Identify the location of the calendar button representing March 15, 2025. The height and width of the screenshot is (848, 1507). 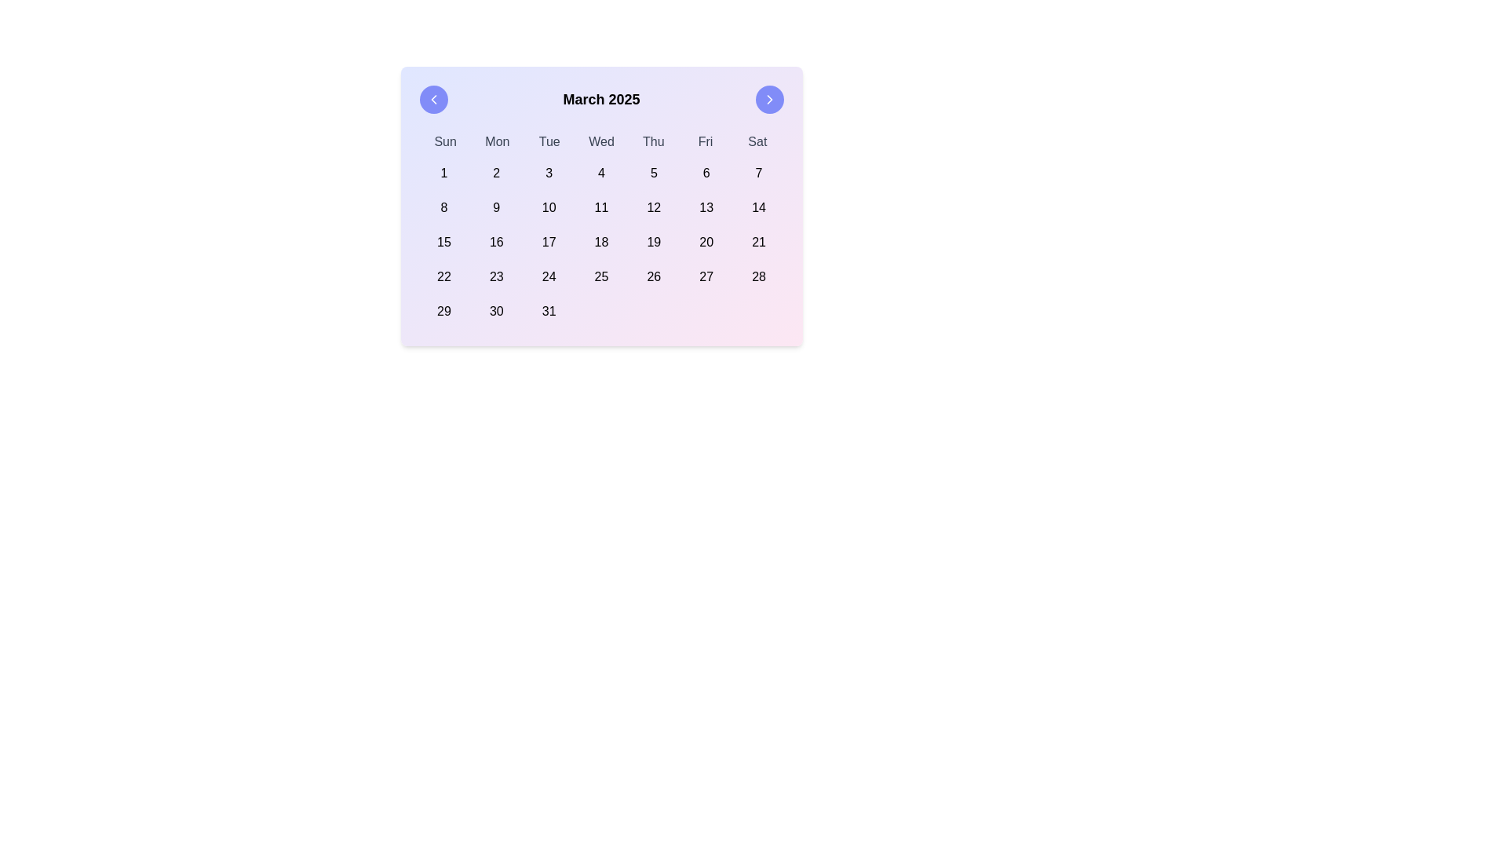
(443, 242).